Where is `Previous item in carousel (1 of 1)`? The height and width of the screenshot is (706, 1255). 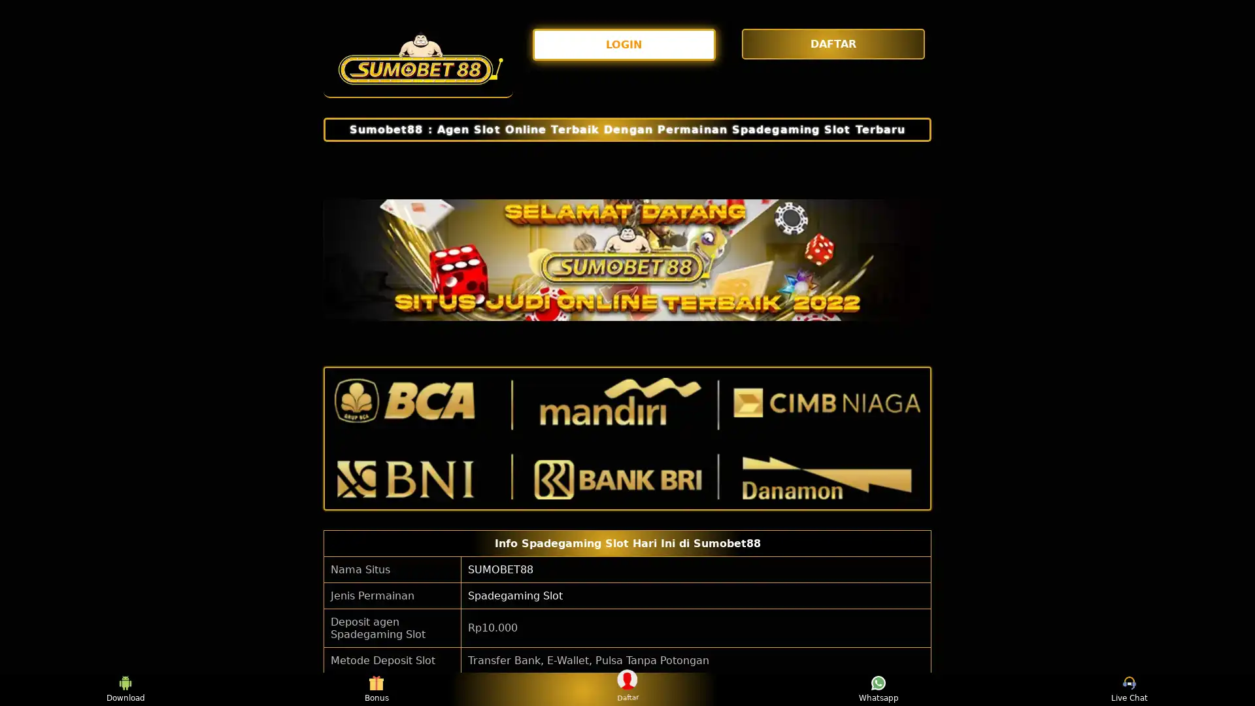 Previous item in carousel (1 of 1) is located at coordinates (334, 260).